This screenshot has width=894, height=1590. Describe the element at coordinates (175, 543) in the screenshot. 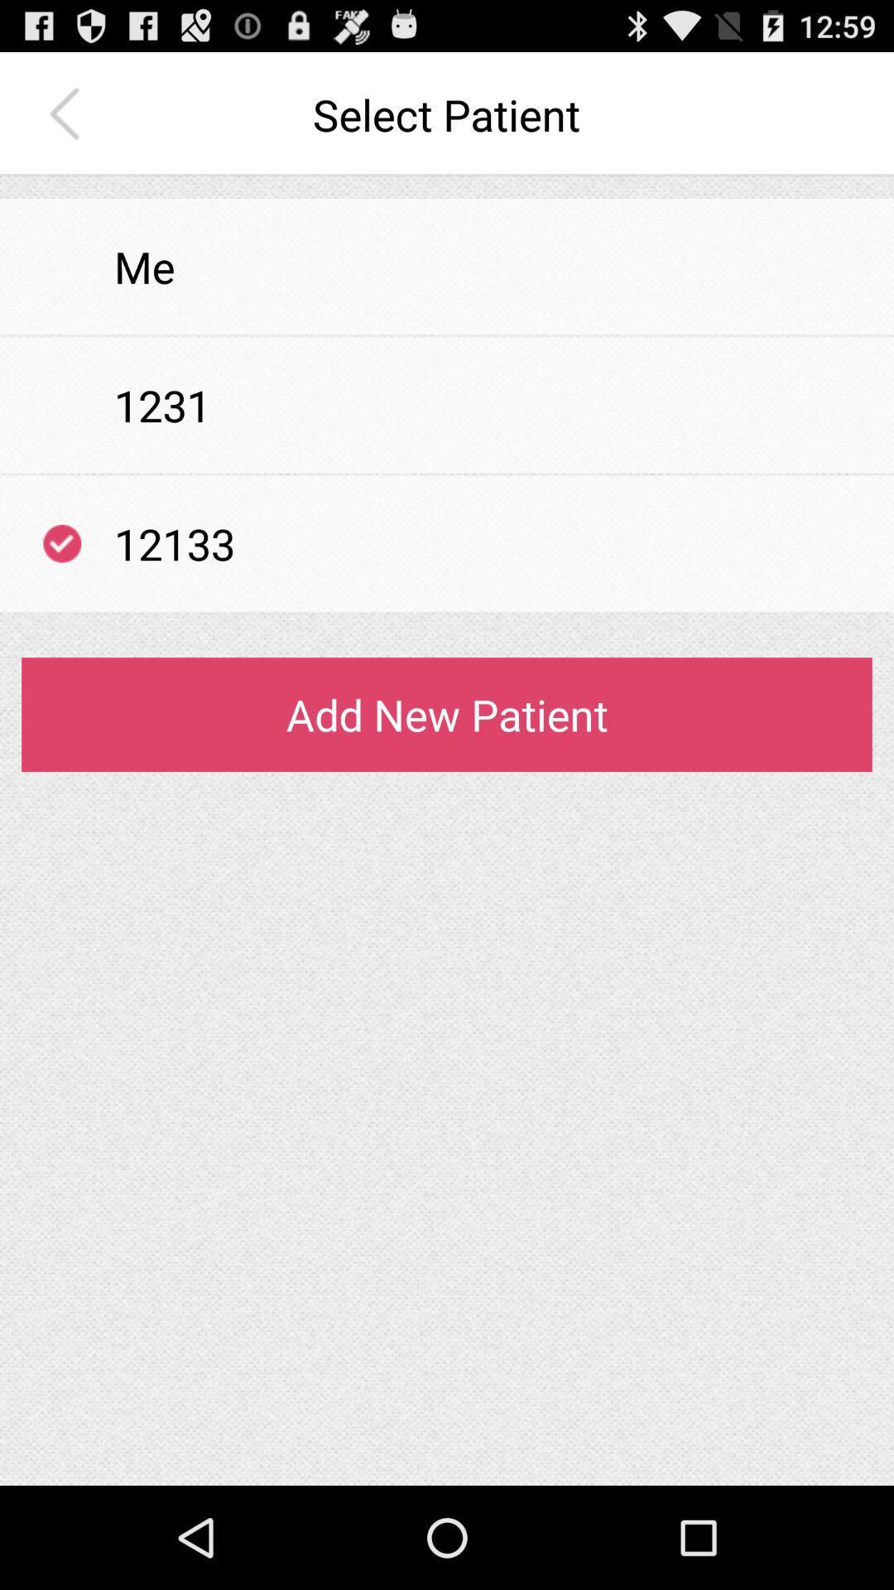

I see `the 12133` at that location.